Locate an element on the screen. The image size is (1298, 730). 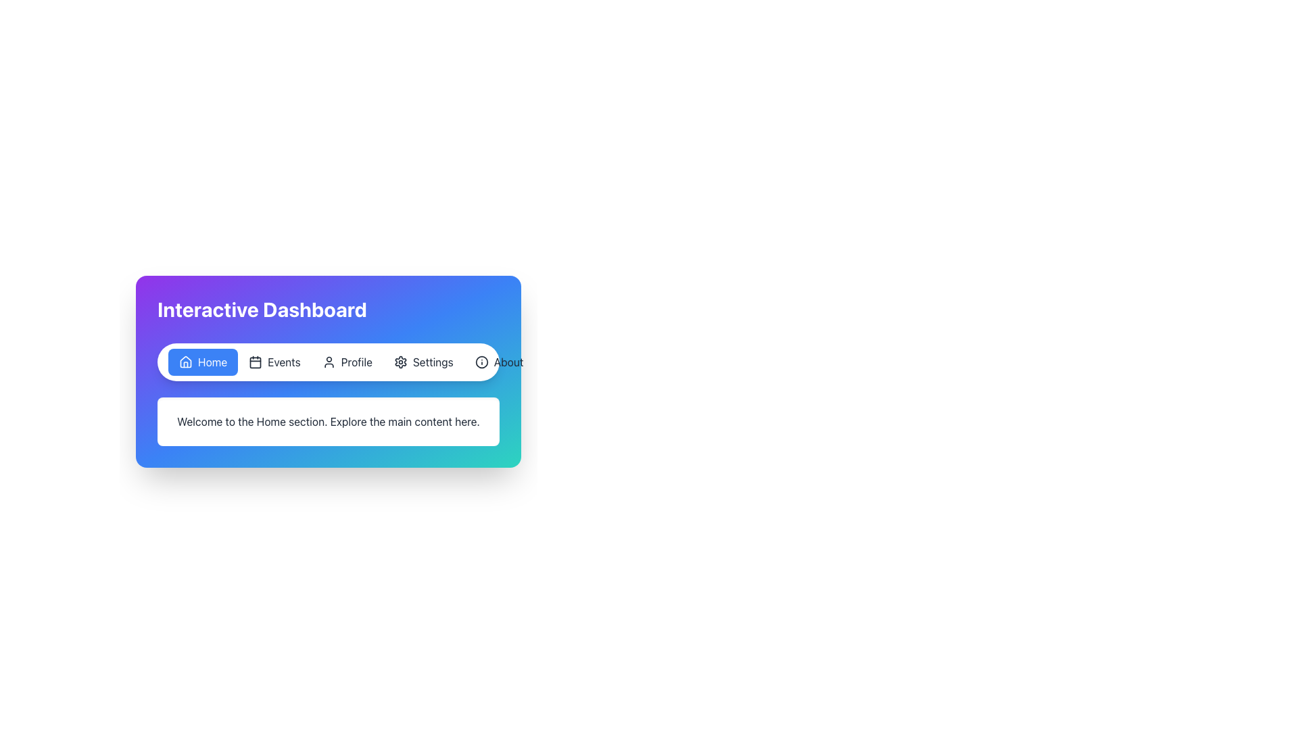
the 'Home' text label, which is styled in white font and part of a blue button in the navigation bar, located to the right of a house icon is located at coordinates (212, 362).